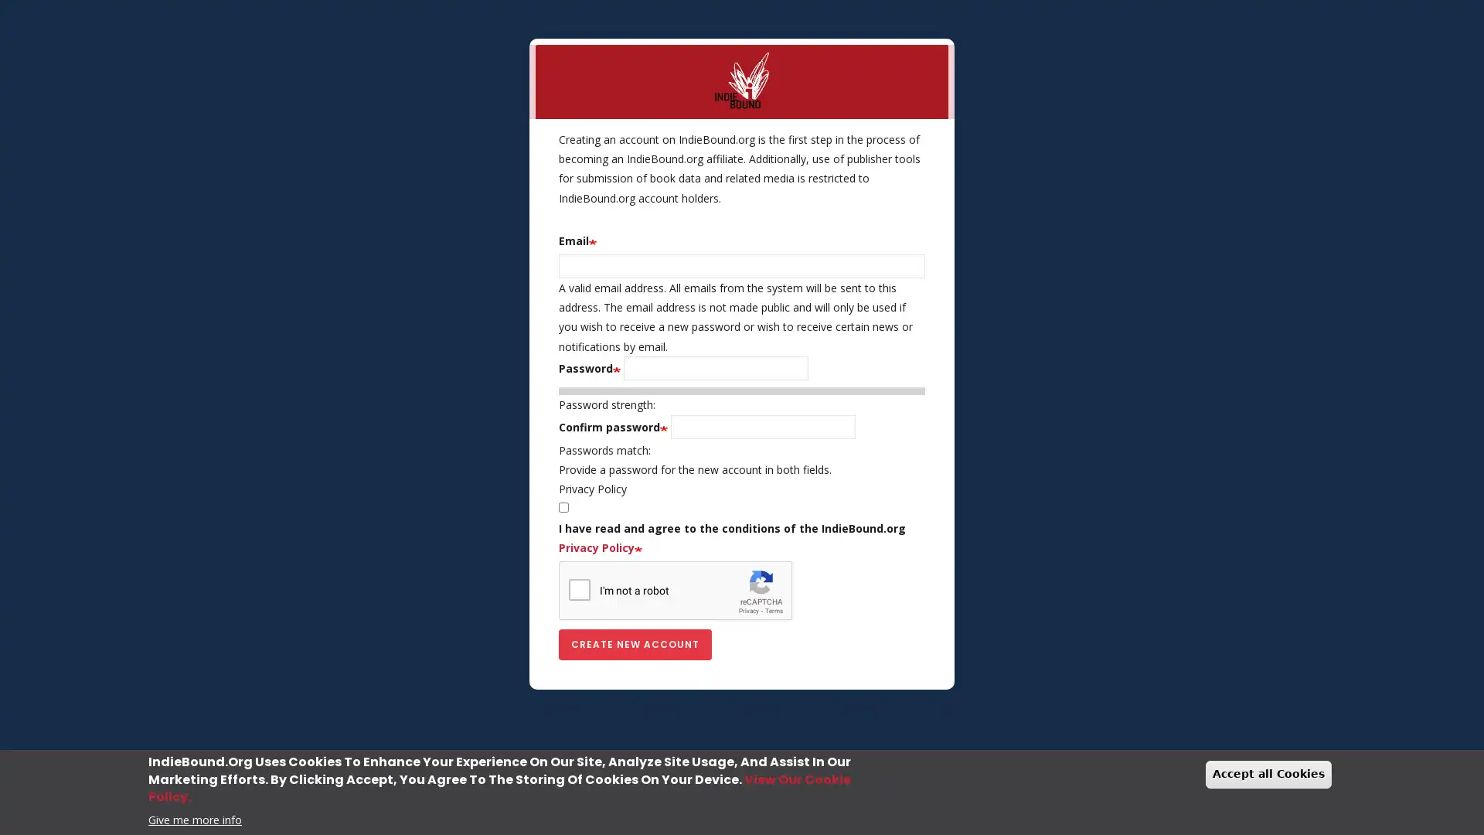 Image resolution: width=1484 pixels, height=835 pixels. Describe the element at coordinates (194, 818) in the screenshot. I see `Give me more info` at that location.